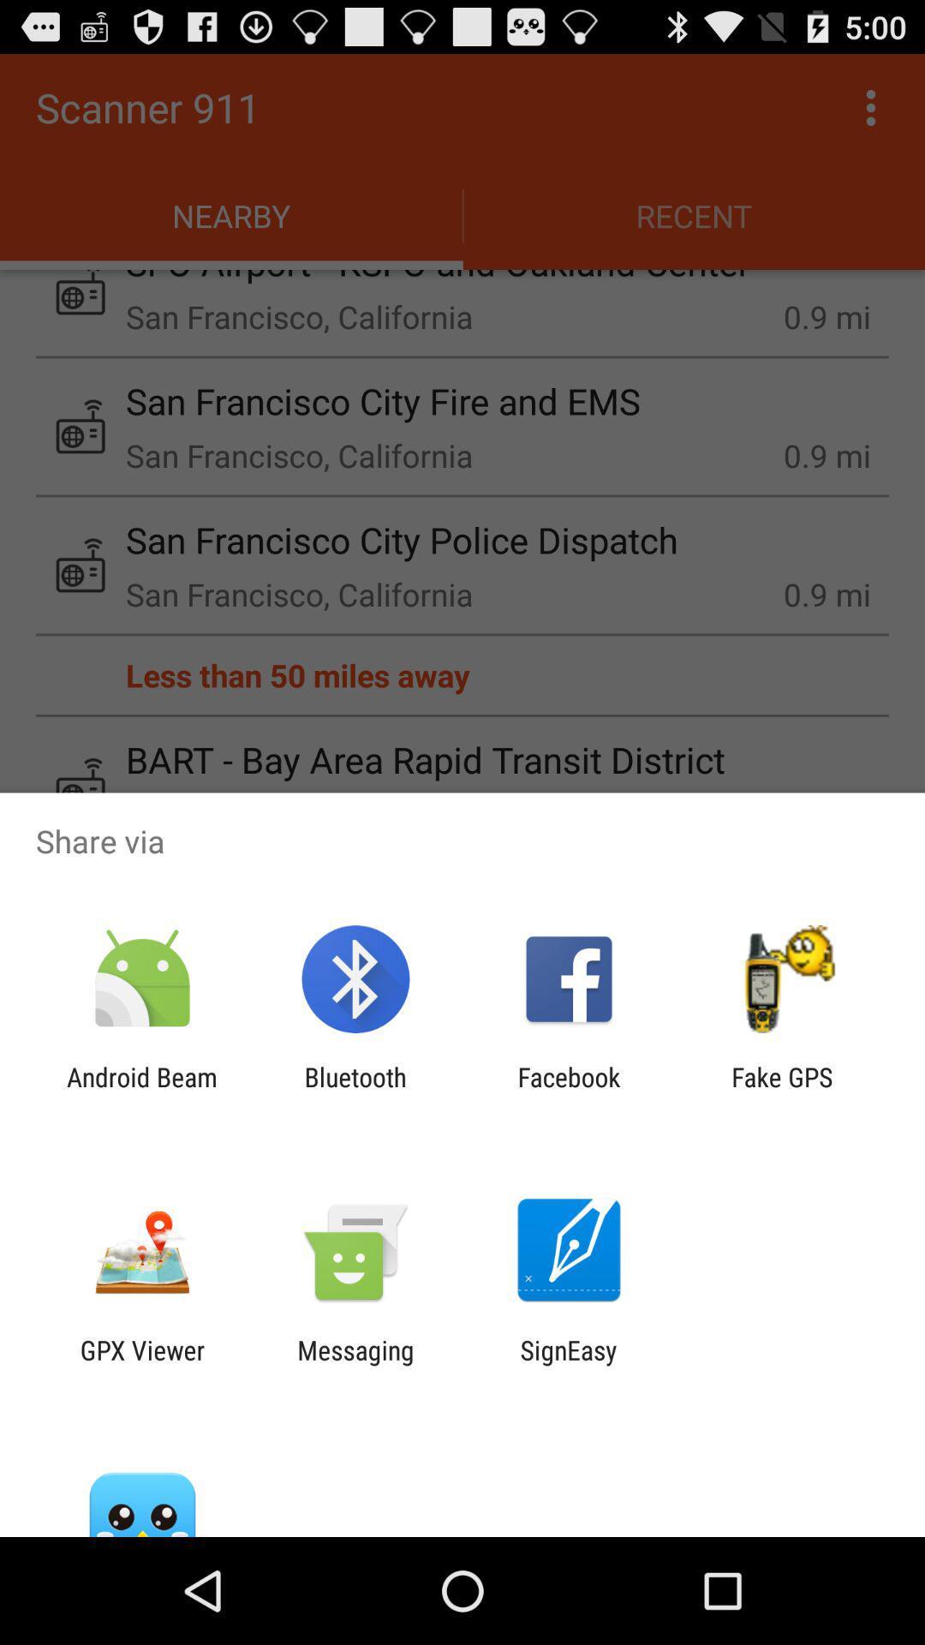 The height and width of the screenshot is (1645, 925). I want to click on the android beam icon, so click(141, 1092).